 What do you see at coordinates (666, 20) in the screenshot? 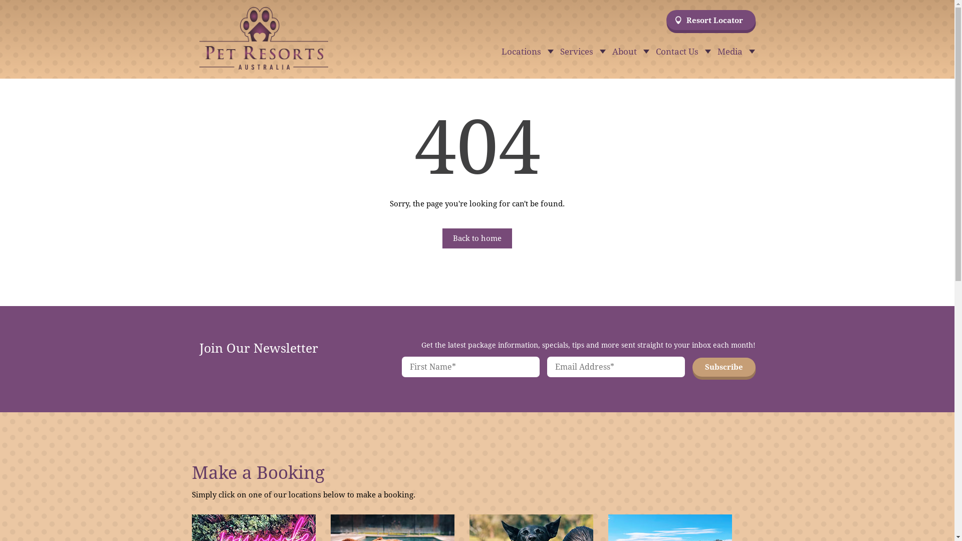
I see `'Resort Locator'` at bounding box center [666, 20].